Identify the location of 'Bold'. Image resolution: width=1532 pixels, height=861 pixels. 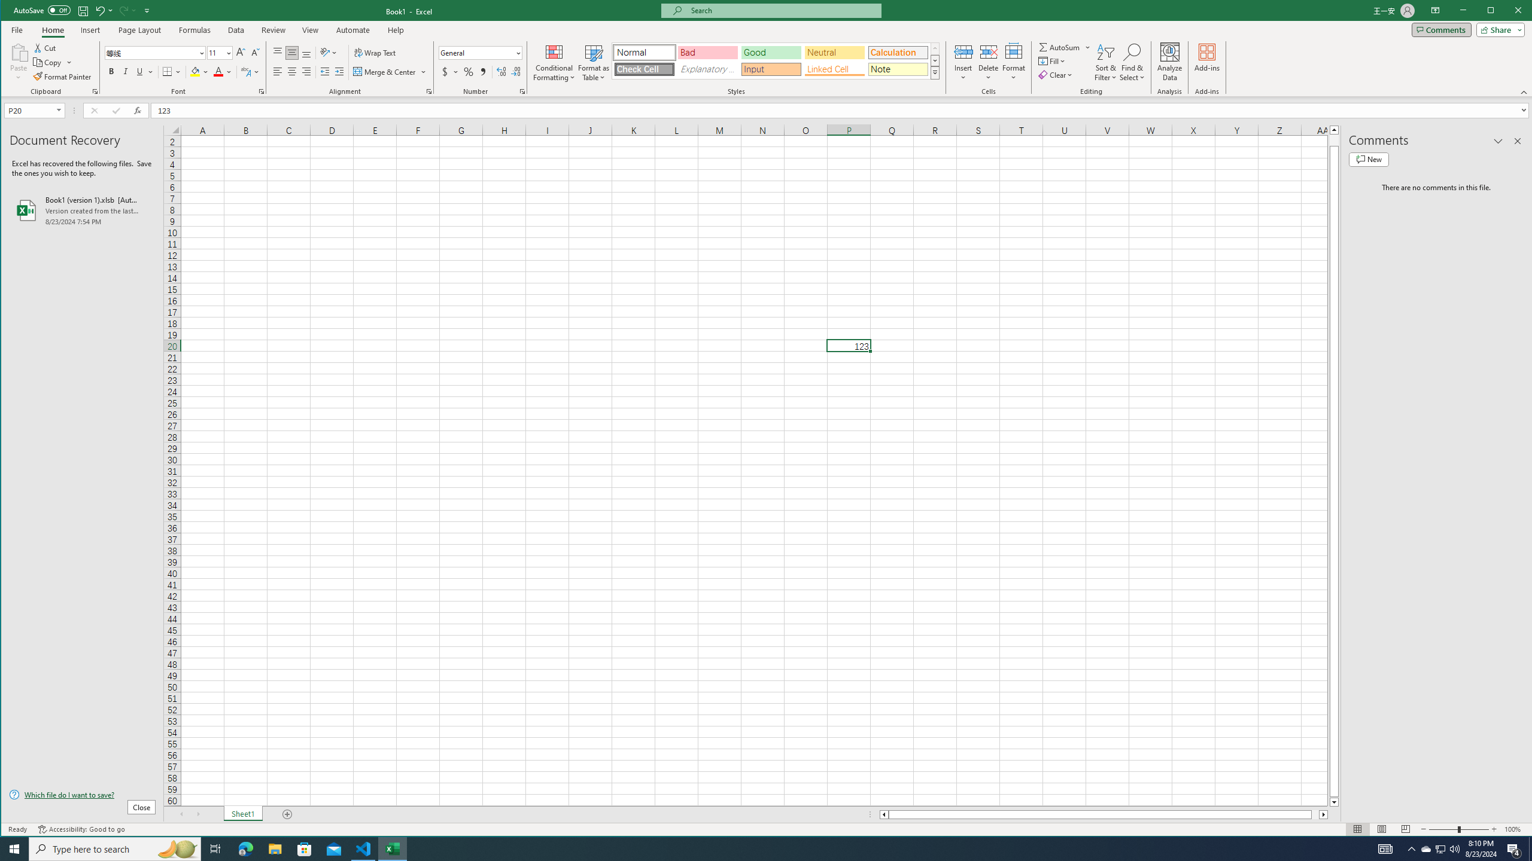
(110, 71).